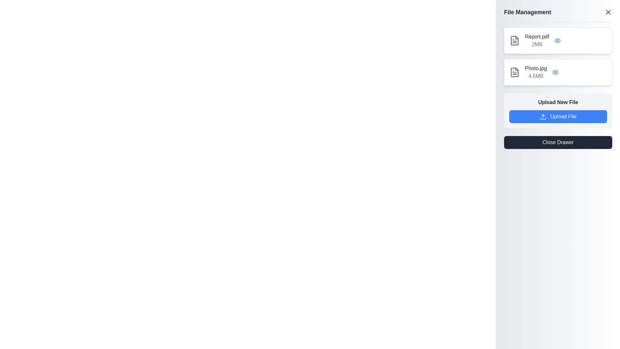 This screenshot has width=620, height=349. I want to click on the text label reading 'Report.pdf' in the 'File Management' section, which is the first entry in the list, so click(537, 37).